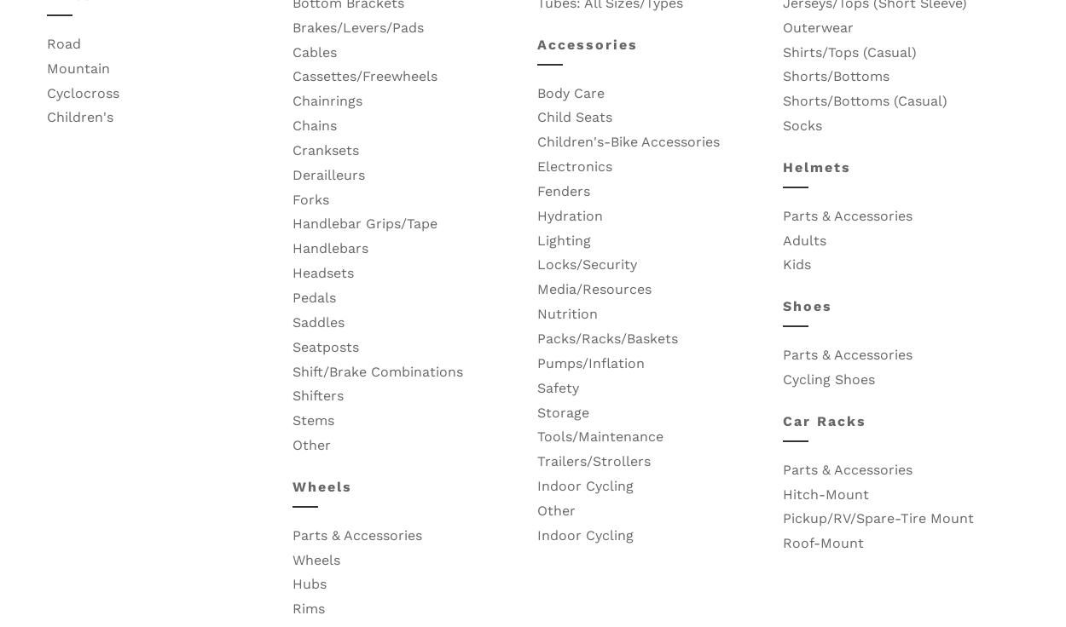 The height and width of the screenshot is (627, 1066). I want to click on 'Shorts/Bottoms', so click(782, 76).